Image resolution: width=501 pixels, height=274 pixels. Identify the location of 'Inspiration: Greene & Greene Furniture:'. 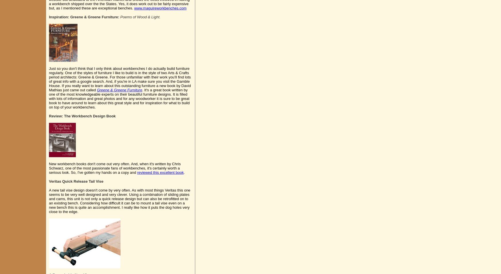
(84, 17).